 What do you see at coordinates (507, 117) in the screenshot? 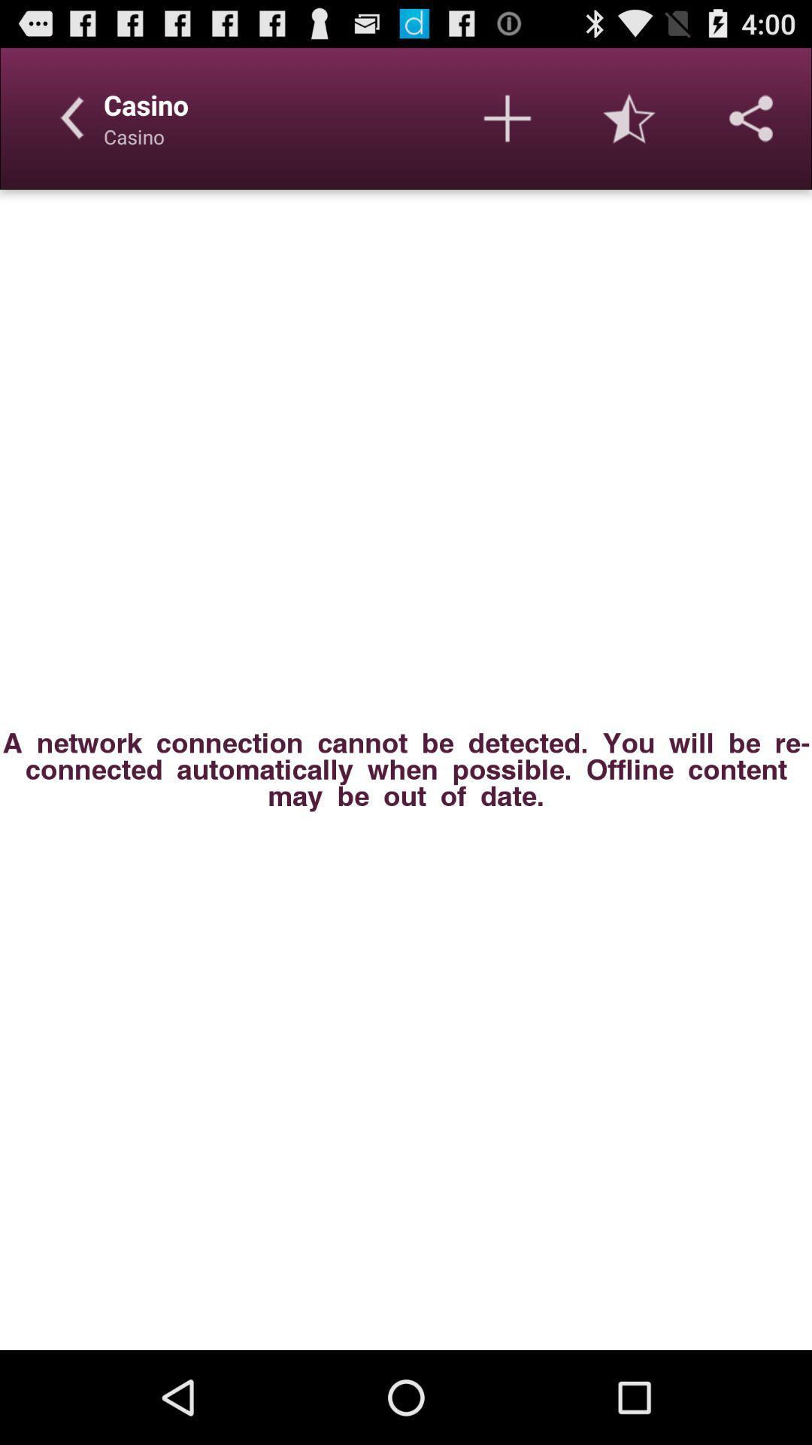
I see `the item at the top` at bounding box center [507, 117].